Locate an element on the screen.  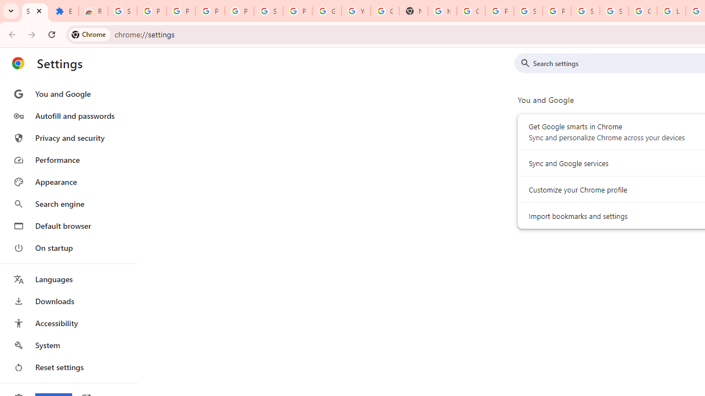
'Sign in - Google Accounts' is located at coordinates (613, 11).